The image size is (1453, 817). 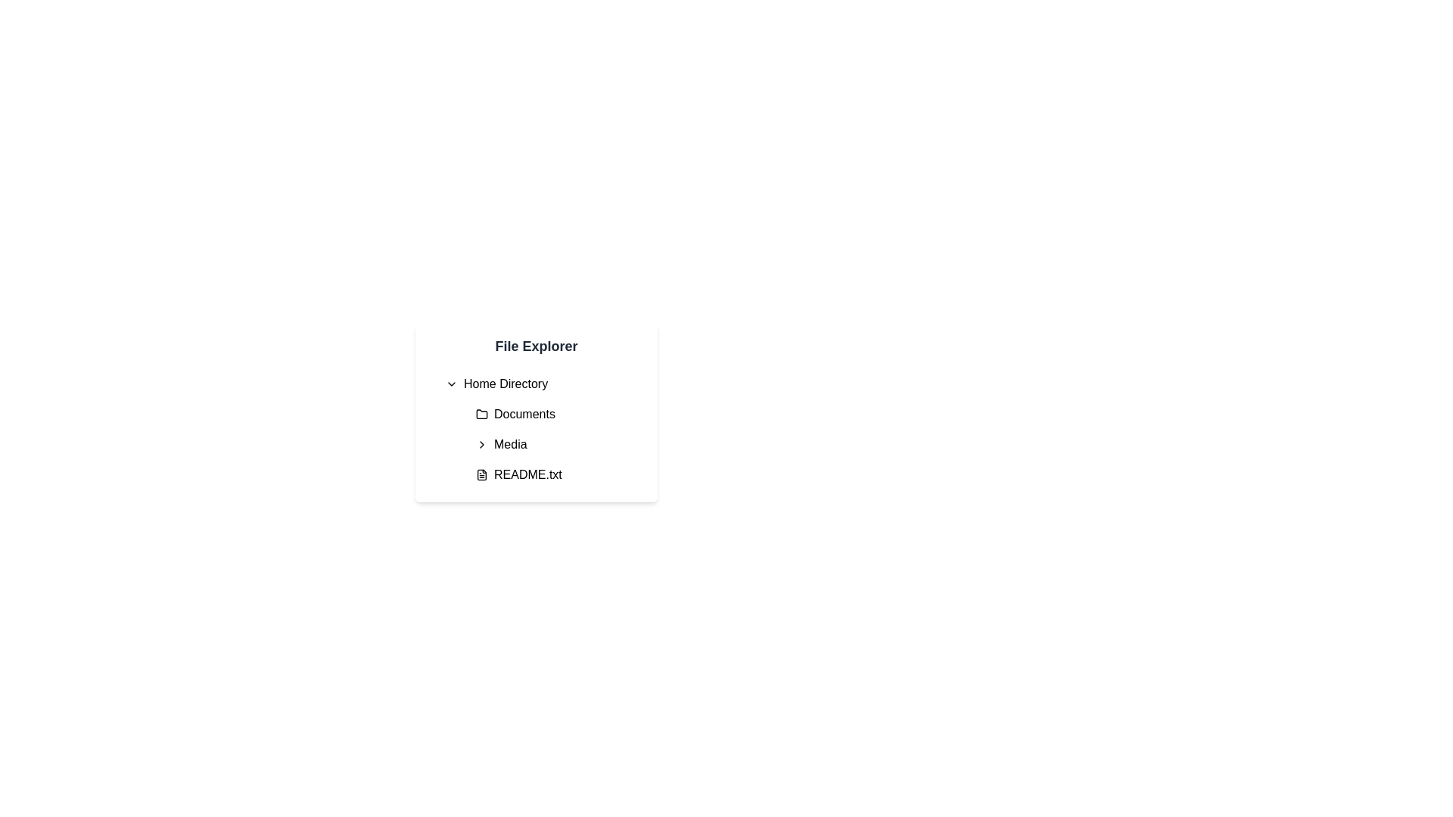 I want to click on the 'Documents' navigational entry, so click(x=557, y=414).